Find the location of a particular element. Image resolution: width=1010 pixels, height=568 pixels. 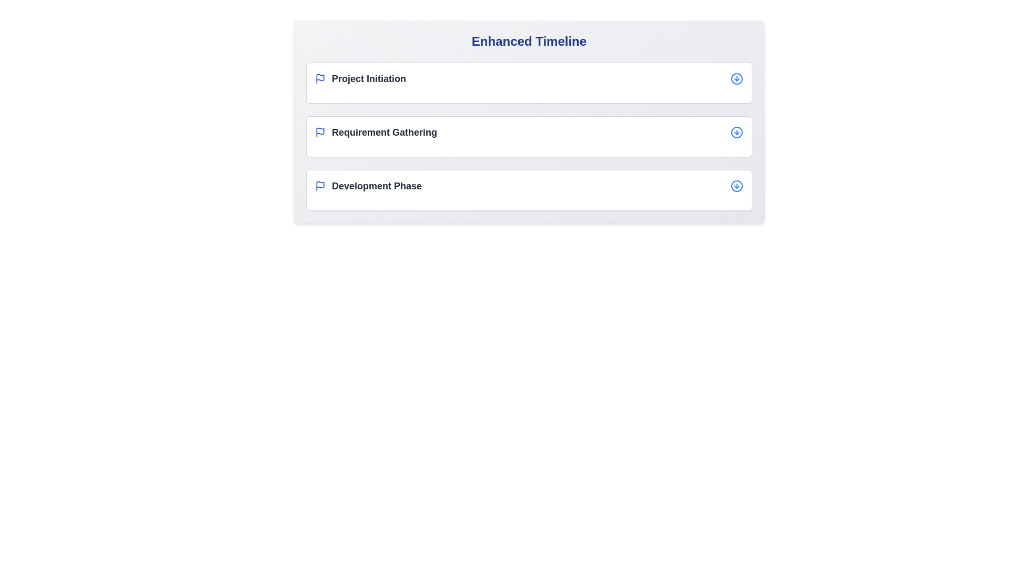

the 'Project Initiation' label, which features a bold black text and a blue flag icon, to read more information is located at coordinates (360, 78).